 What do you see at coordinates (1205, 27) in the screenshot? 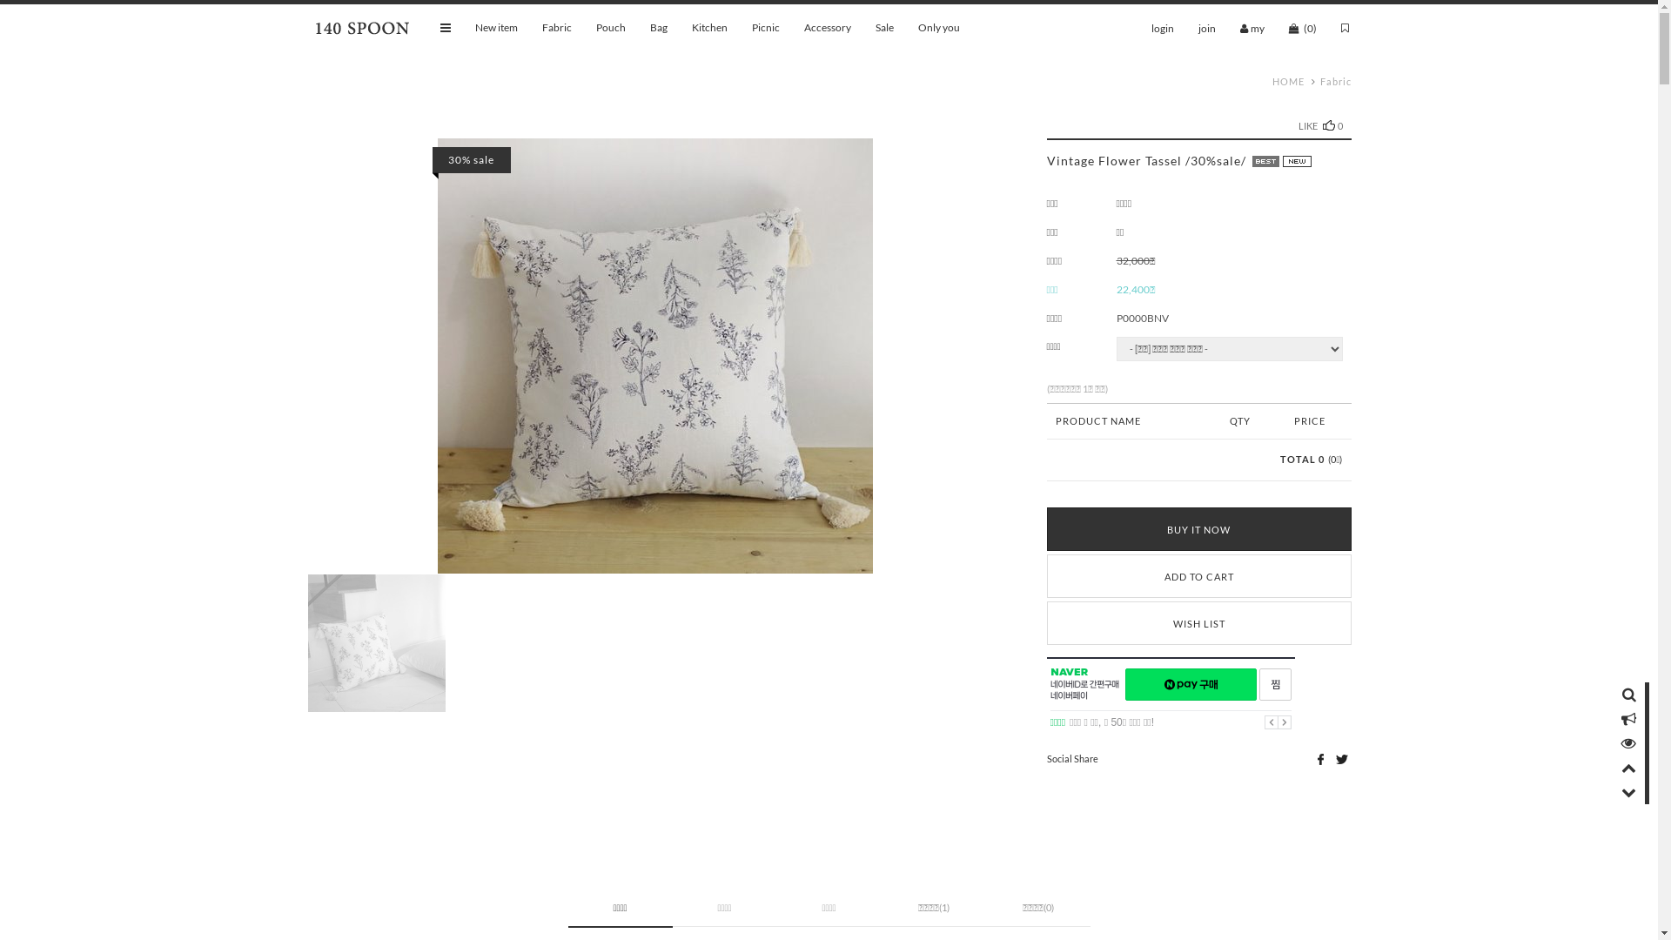
I see `'join'` at bounding box center [1205, 27].